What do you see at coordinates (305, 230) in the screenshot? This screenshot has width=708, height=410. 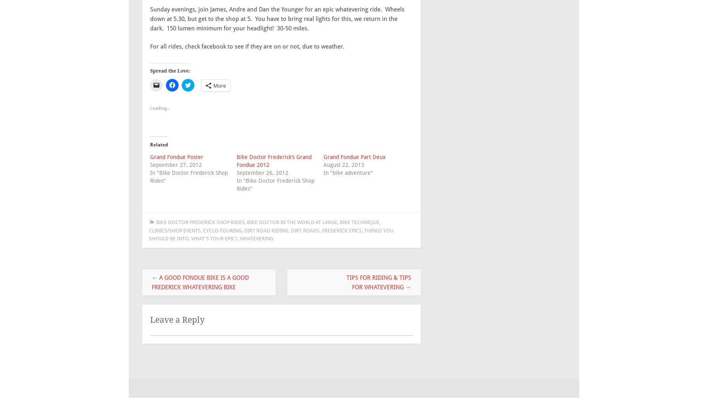 I see `'Dirt Roads'` at bounding box center [305, 230].